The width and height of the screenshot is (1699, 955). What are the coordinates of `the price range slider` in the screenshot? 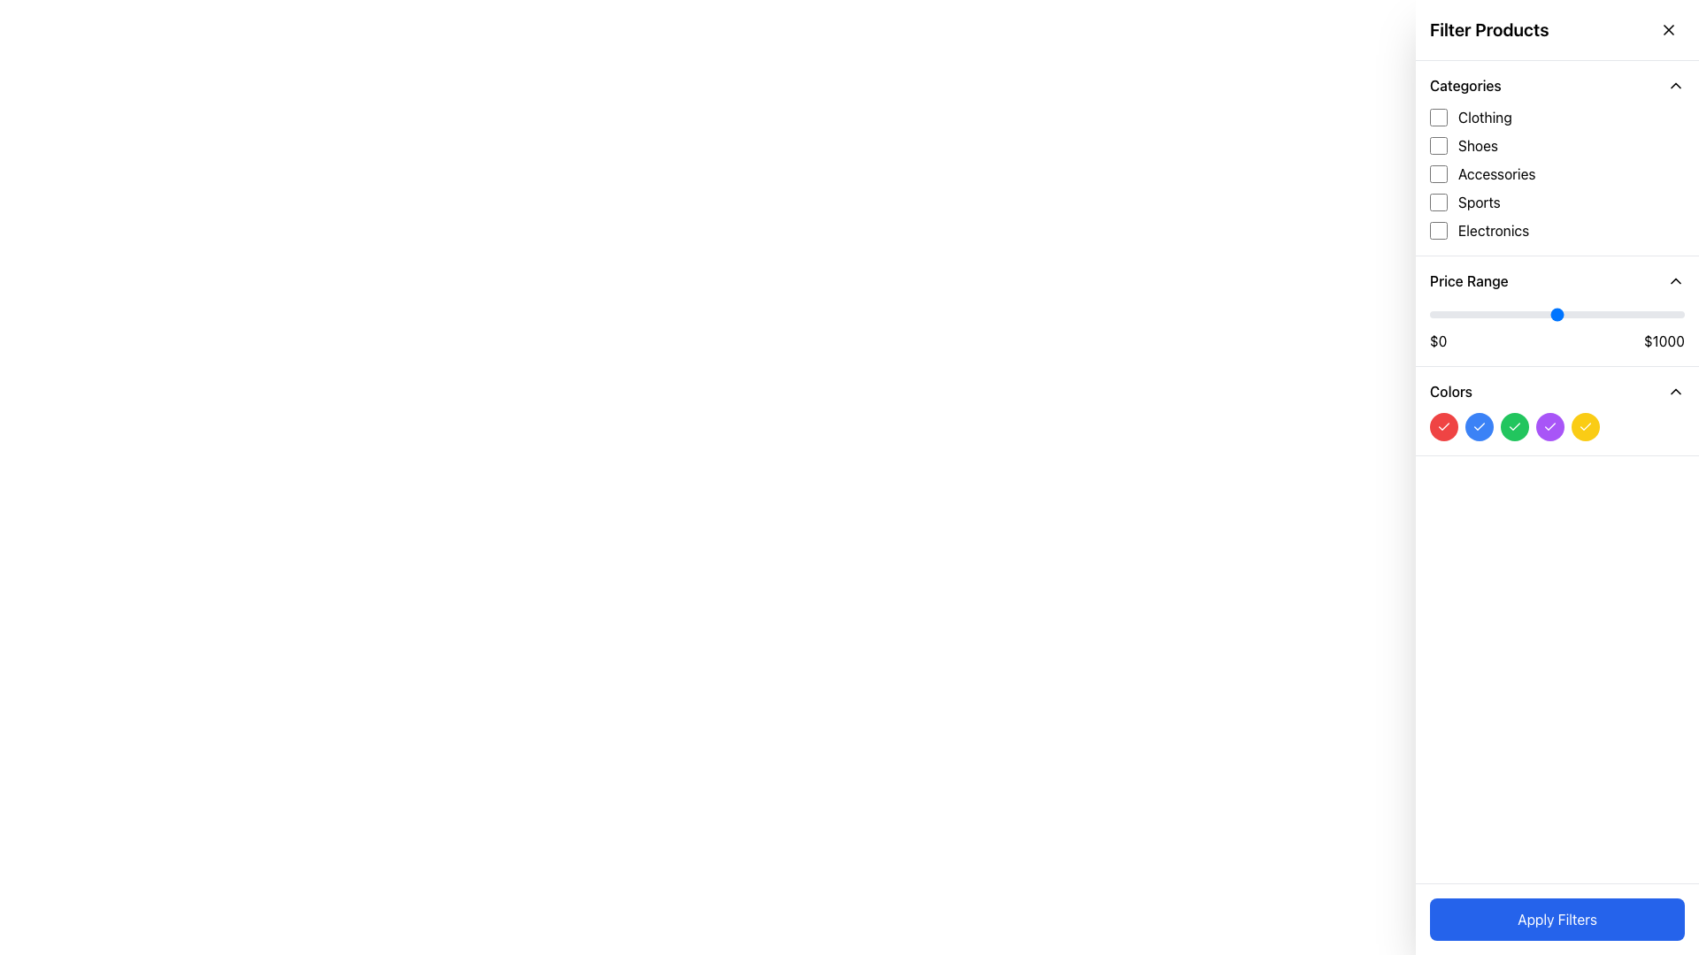 It's located at (1628, 313).